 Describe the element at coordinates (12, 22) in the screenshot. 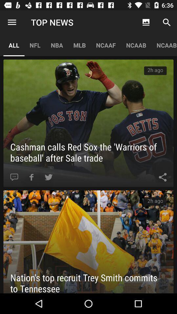

I see `the app above all icon` at that location.